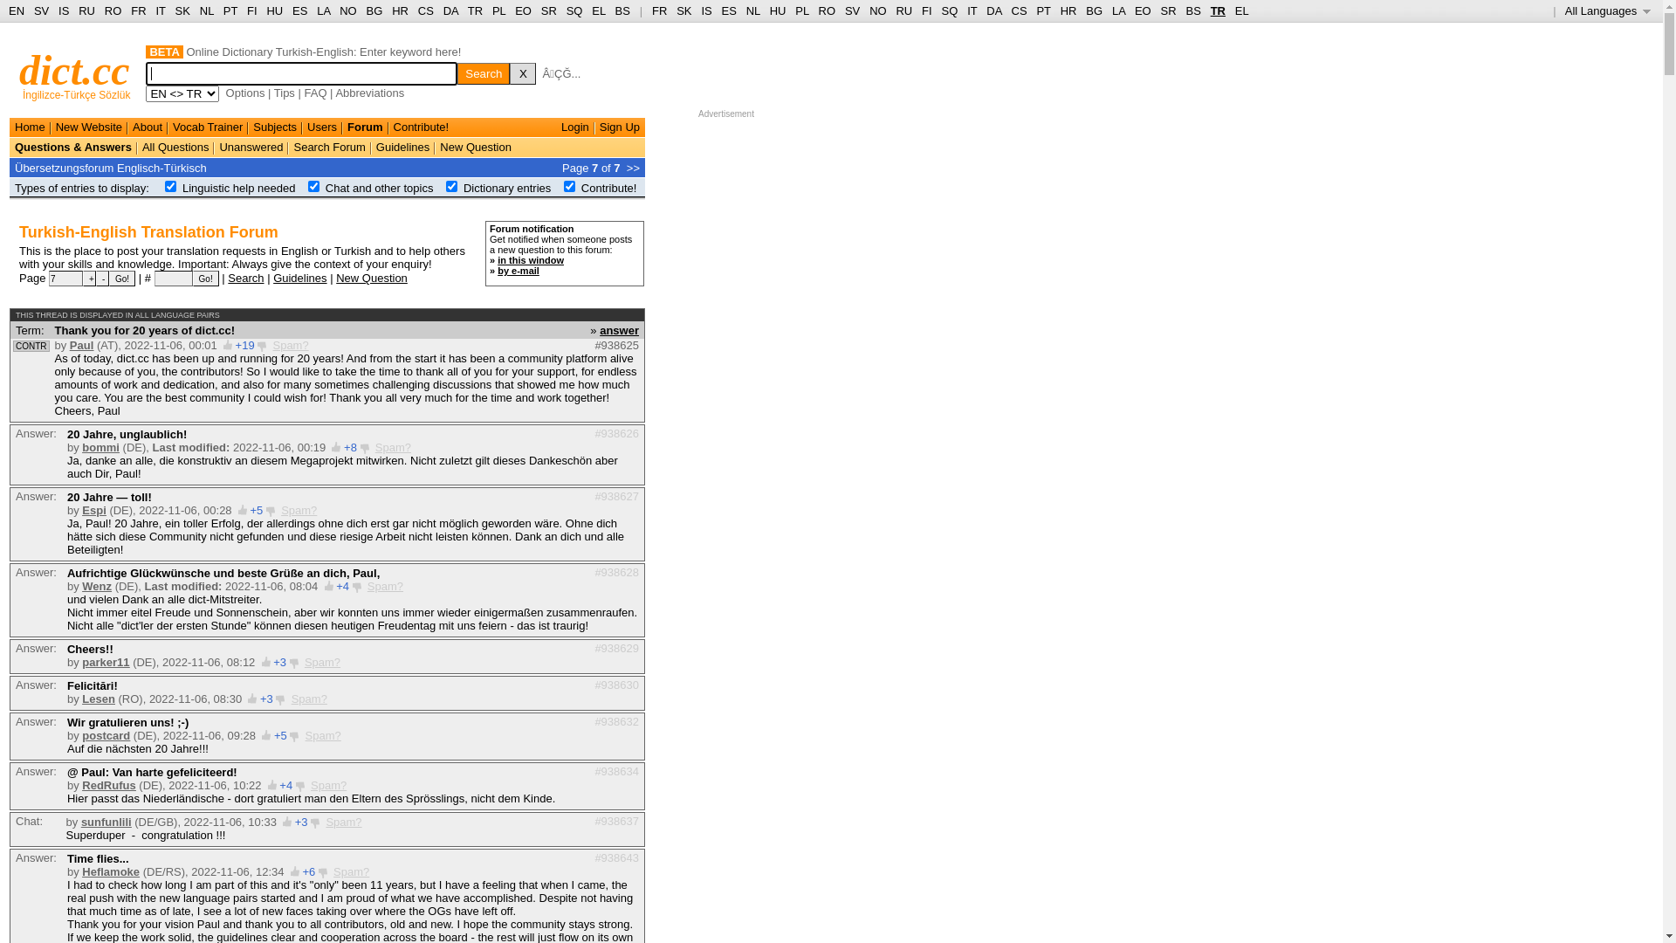 The width and height of the screenshot is (1676, 943). I want to click on 'SQ', so click(574, 10).